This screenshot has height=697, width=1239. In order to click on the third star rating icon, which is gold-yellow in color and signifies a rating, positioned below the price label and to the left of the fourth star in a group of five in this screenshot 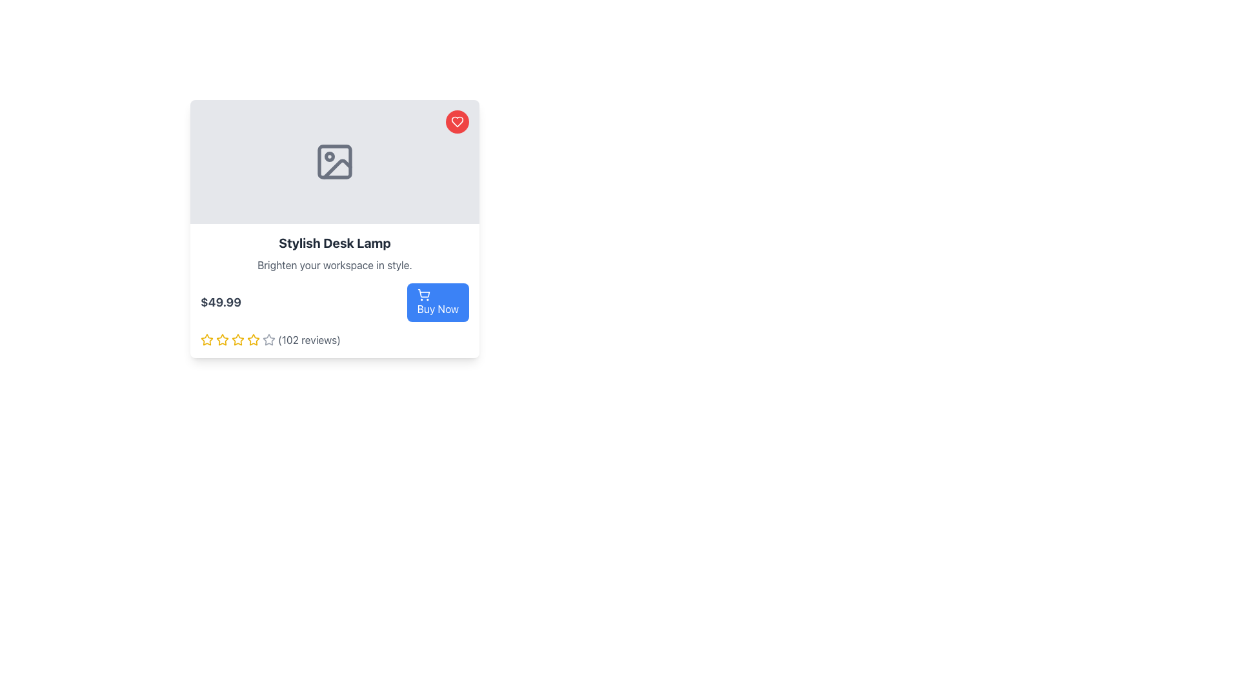, I will do `click(223, 339)`.